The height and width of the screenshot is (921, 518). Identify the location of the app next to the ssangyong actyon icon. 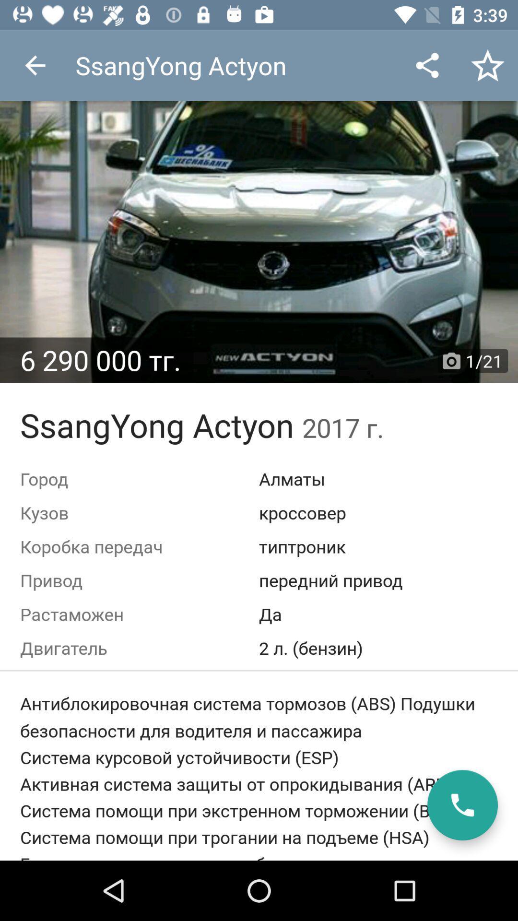
(427, 65).